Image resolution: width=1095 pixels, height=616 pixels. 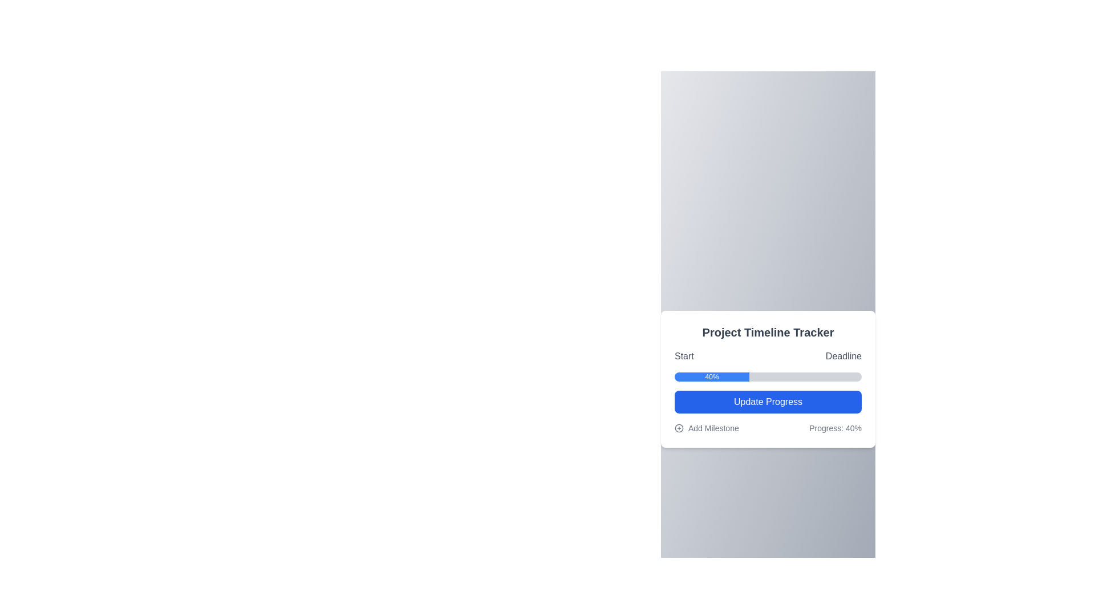 I want to click on the static text label indicating the project deadline, which is the second item in a two-column layout, positioned to the right of the 'Start' label, so click(x=843, y=355).